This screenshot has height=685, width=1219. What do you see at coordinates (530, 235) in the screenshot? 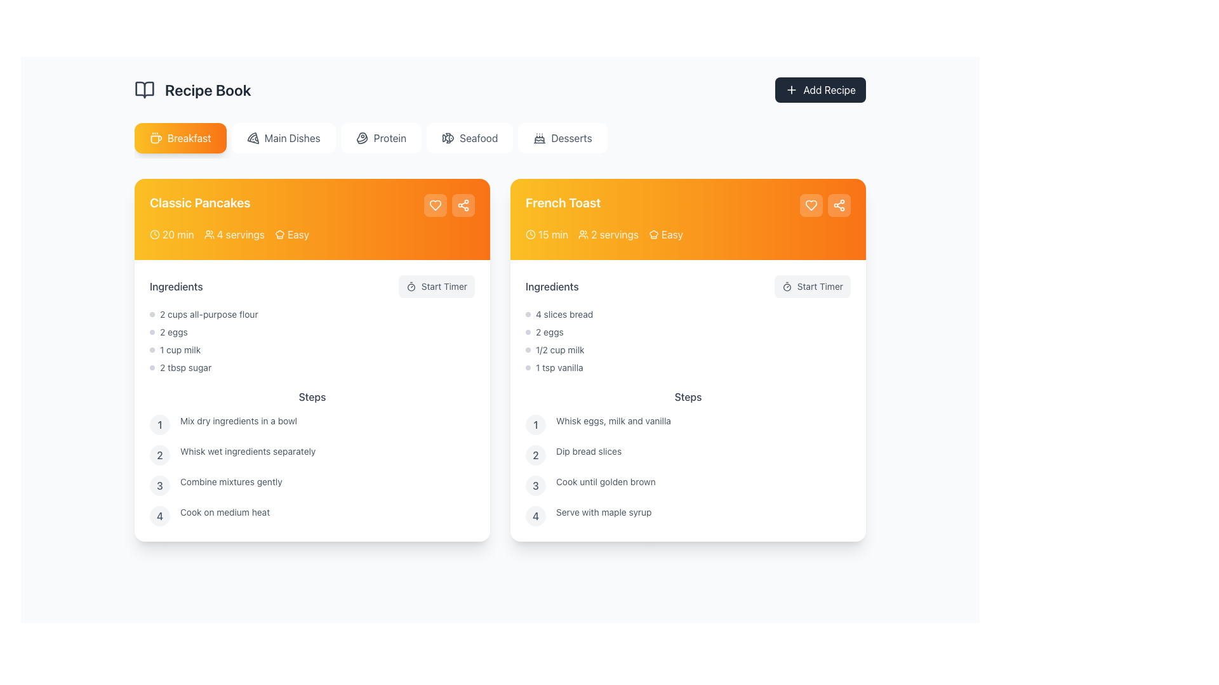
I see `the decorative clock icon on the left side of the 'Start Timer' button within the 'French Toast' card` at bounding box center [530, 235].